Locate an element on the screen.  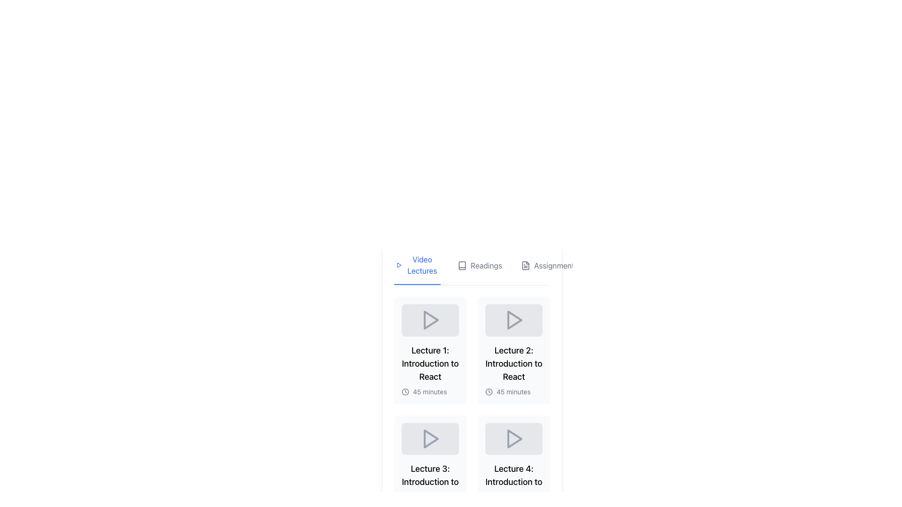
the video playback control button located in the top-left corner of the 'Lecture 1: Introduction to React' section is located at coordinates (430, 320).